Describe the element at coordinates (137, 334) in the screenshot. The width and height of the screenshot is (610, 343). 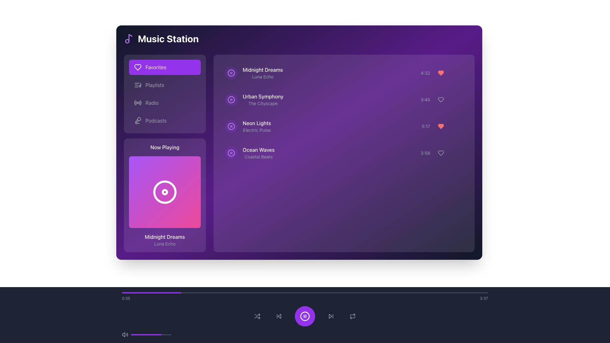
I see `the progress` at that location.